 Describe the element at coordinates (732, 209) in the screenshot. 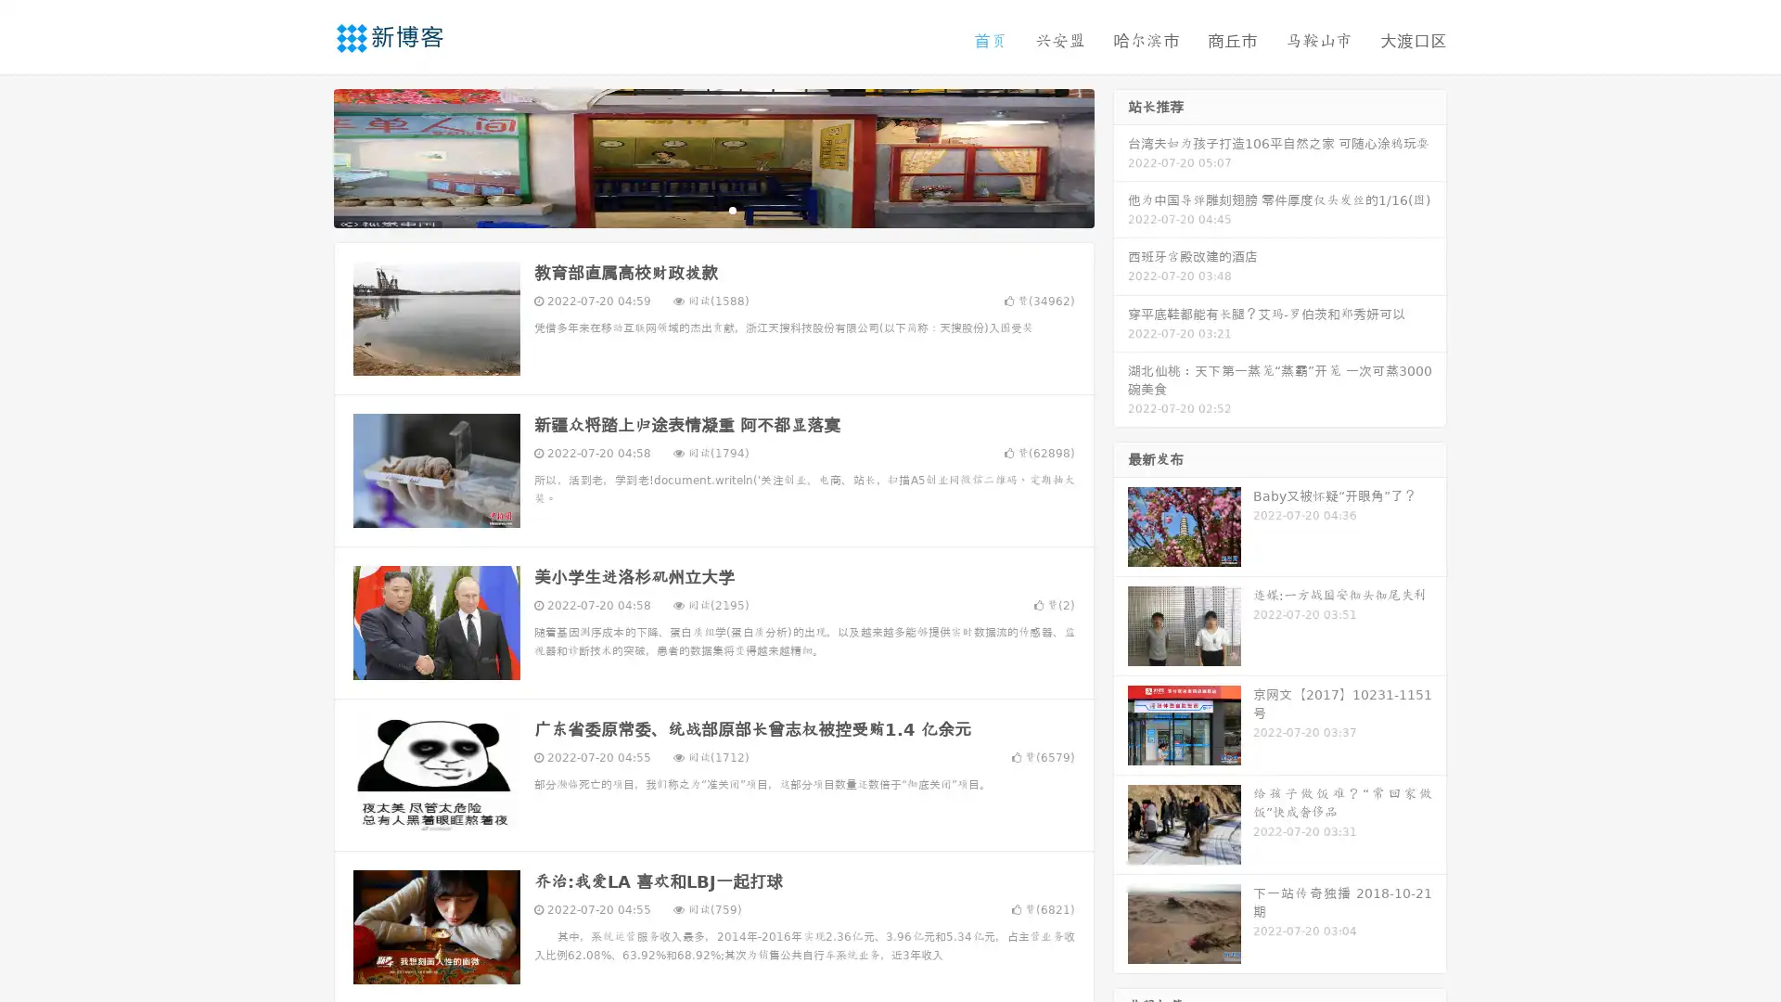

I see `Go to slide 3` at that location.